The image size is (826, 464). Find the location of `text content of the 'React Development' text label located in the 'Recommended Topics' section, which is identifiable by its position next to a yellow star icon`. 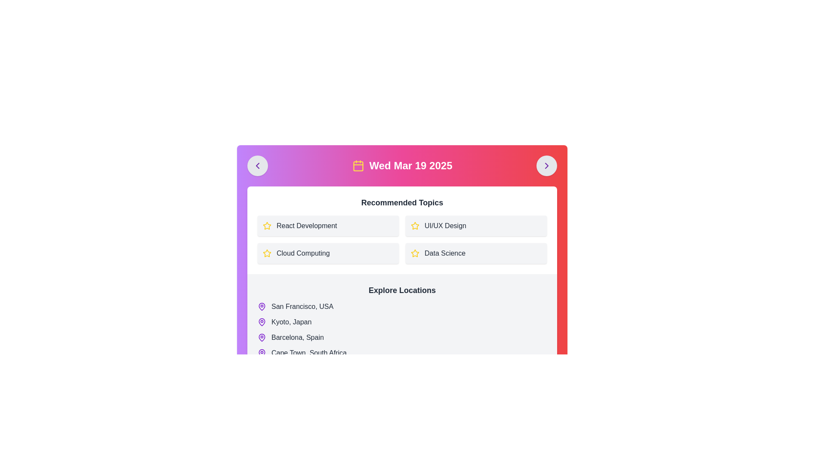

text content of the 'React Development' text label located in the 'Recommended Topics' section, which is identifiable by its position next to a yellow star icon is located at coordinates (307, 225).